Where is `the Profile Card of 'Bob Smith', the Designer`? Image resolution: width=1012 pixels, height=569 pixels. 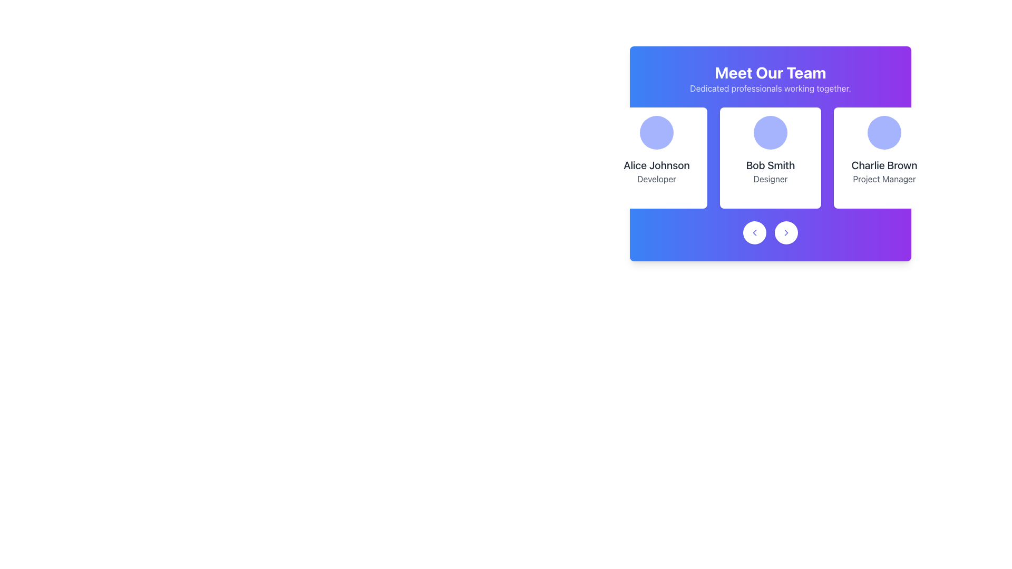 the Profile Card of 'Bob Smith', the Designer is located at coordinates (771, 158).